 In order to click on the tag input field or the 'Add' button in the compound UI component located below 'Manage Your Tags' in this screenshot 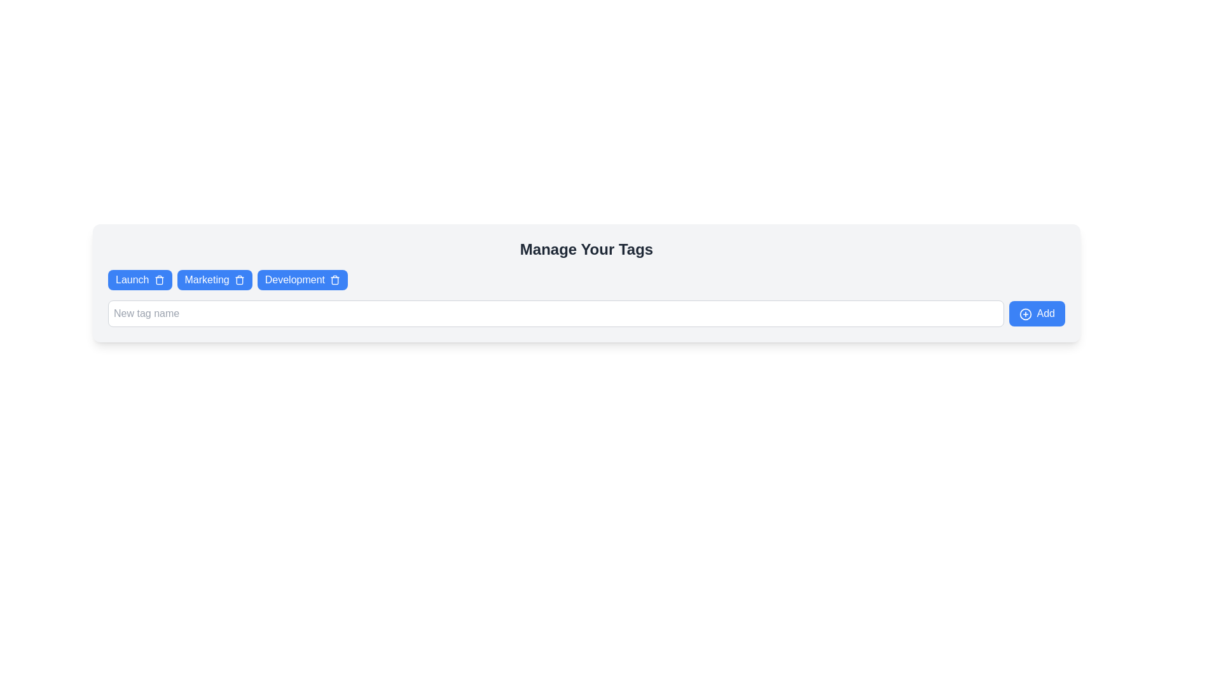, I will do `click(586, 313)`.